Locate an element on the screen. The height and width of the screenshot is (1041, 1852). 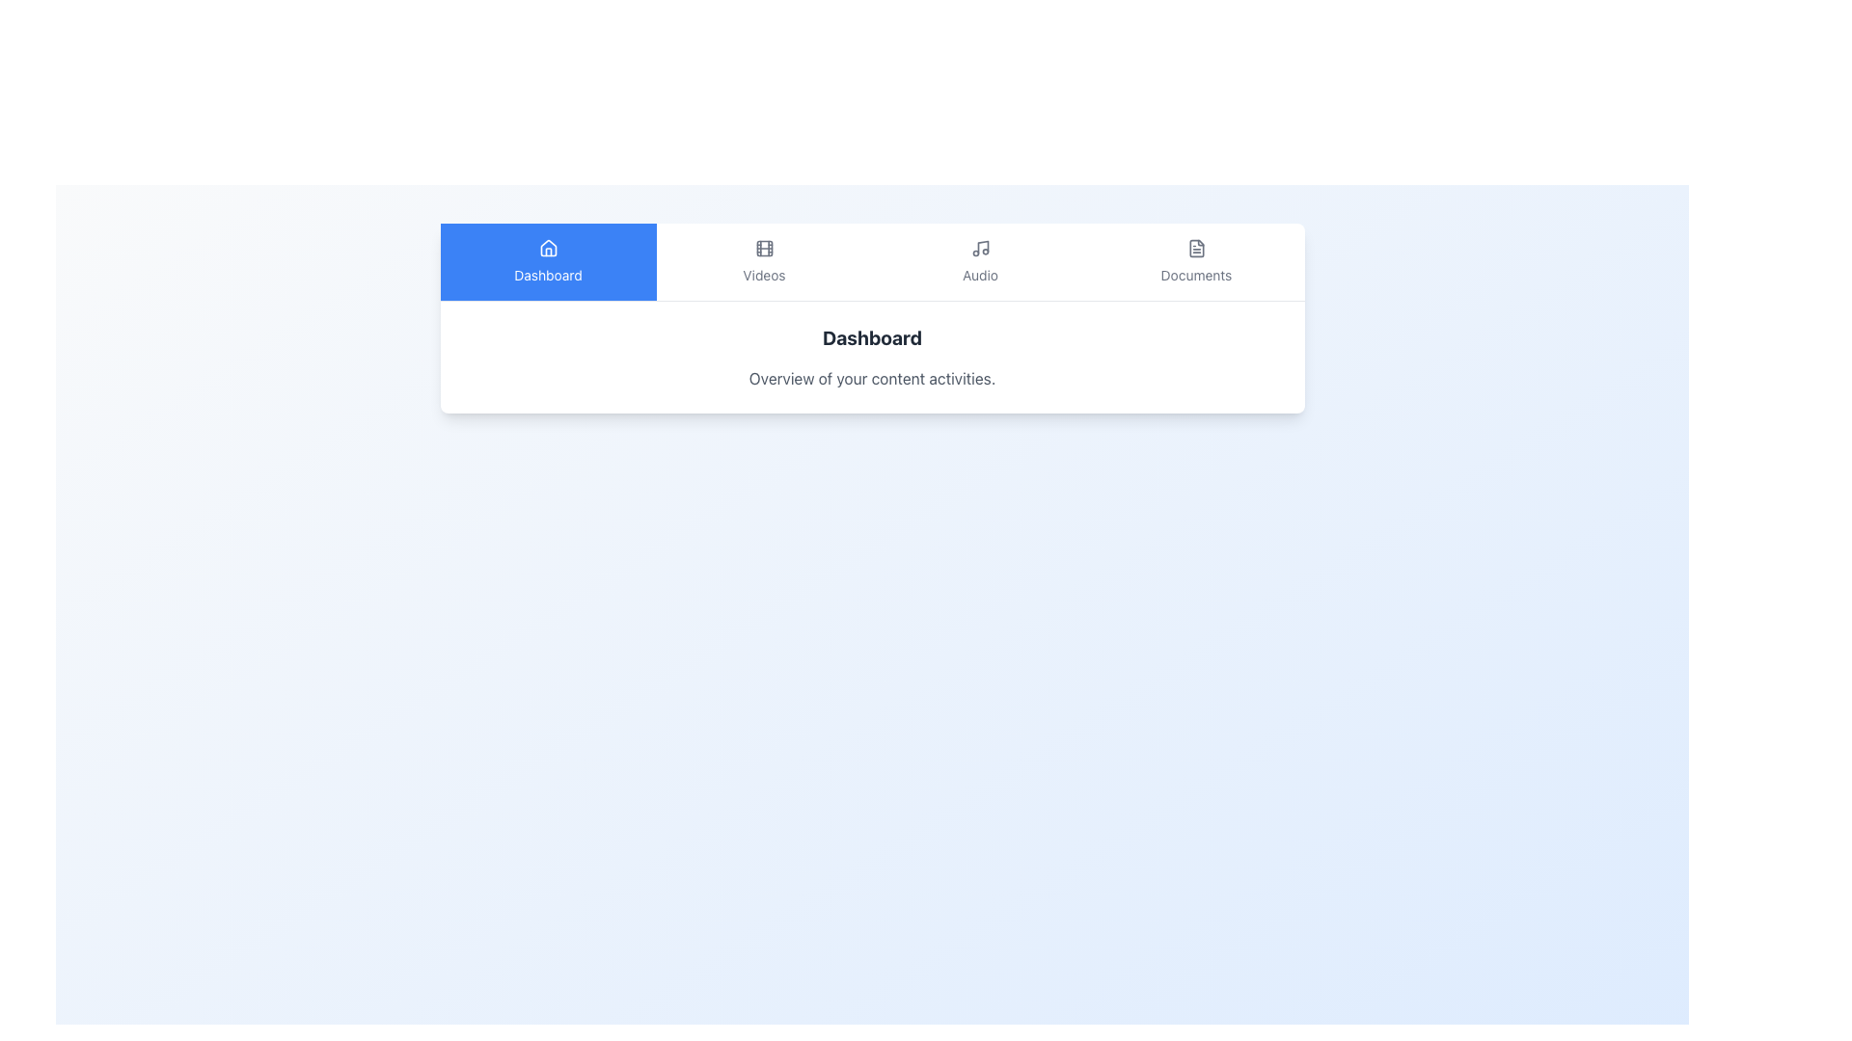
the 'Dashboard' title text label, which serves as a heading for the current interface section is located at coordinates (871, 337).